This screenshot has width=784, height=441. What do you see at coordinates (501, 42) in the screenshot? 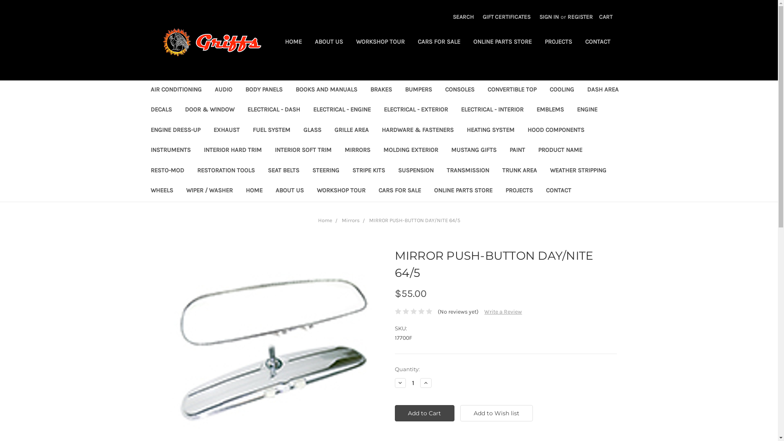
I see `'ONLINE PARTS STORE'` at bounding box center [501, 42].